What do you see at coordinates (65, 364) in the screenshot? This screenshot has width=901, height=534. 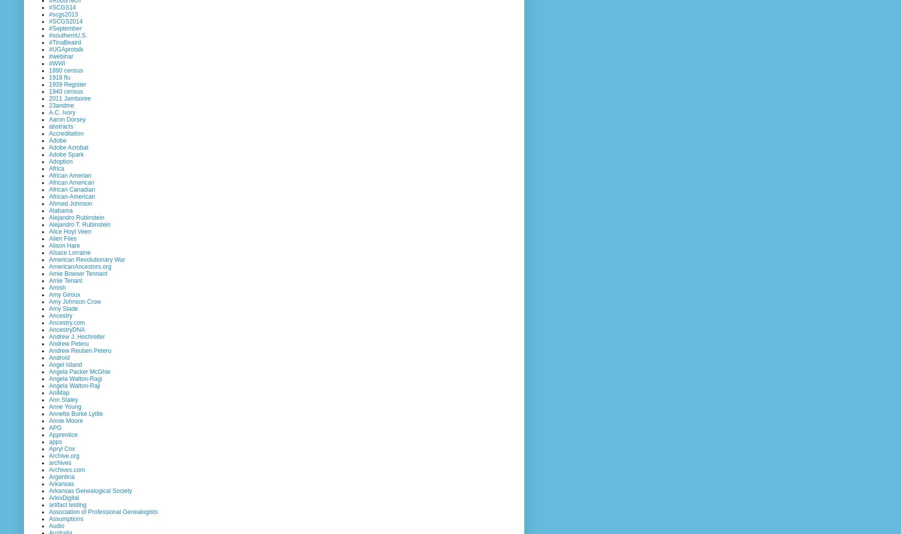 I see `'Angel Island'` at bounding box center [65, 364].